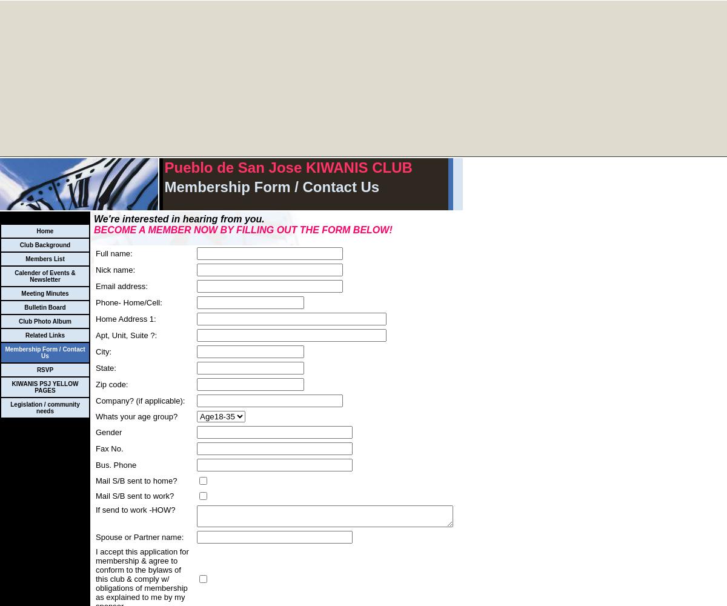  What do you see at coordinates (45, 245) in the screenshot?
I see `'Club Background'` at bounding box center [45, 245].